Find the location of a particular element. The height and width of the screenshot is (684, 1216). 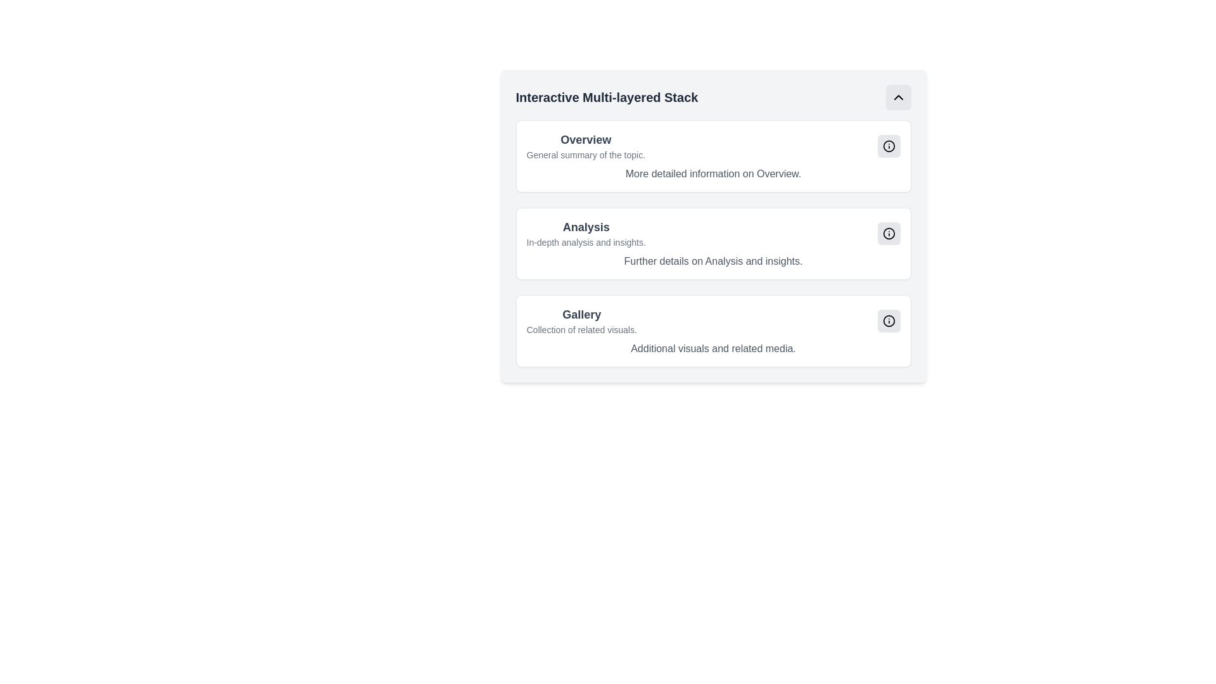

the static text element reading 'In-depth analysis and insights.' which is a smaller gray font located directly below the main heading 'Analysis.' is located at coordinates (585, 242).